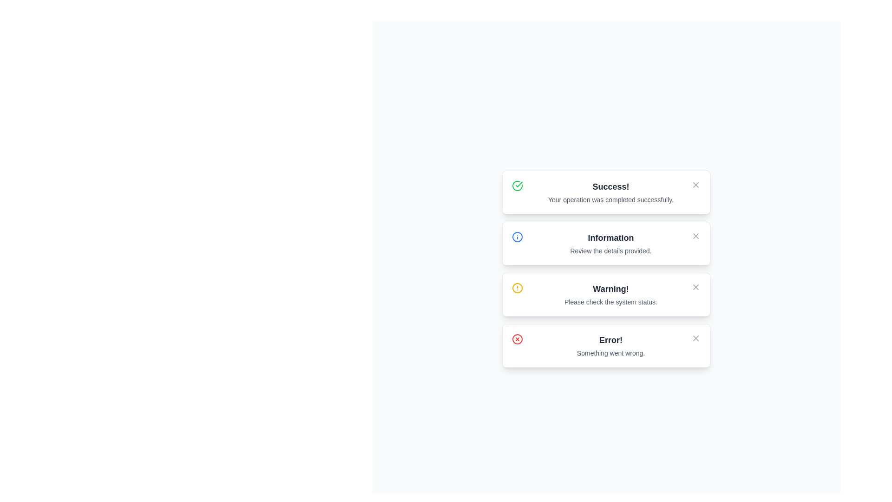 The width and height of the screenshot is (892, 502). Describe the element at coordinates (611, 294) in the screenshot. I see `the warning message block located in the middle panel, which is the third item in a vertically stacked list of information cards, positioned between 'Information' and 'Error'` at that location.